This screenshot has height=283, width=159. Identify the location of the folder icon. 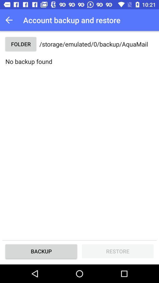
(20, 44).